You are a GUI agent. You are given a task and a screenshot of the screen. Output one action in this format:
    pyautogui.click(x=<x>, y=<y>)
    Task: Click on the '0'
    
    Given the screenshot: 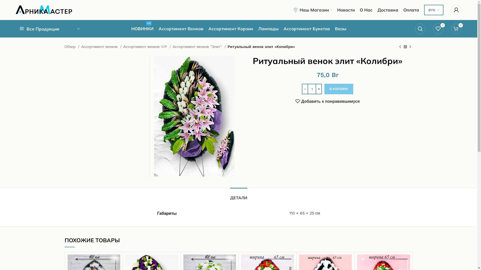 What is the action you would take?
    pyautogui.click(x=438, y=29)
    